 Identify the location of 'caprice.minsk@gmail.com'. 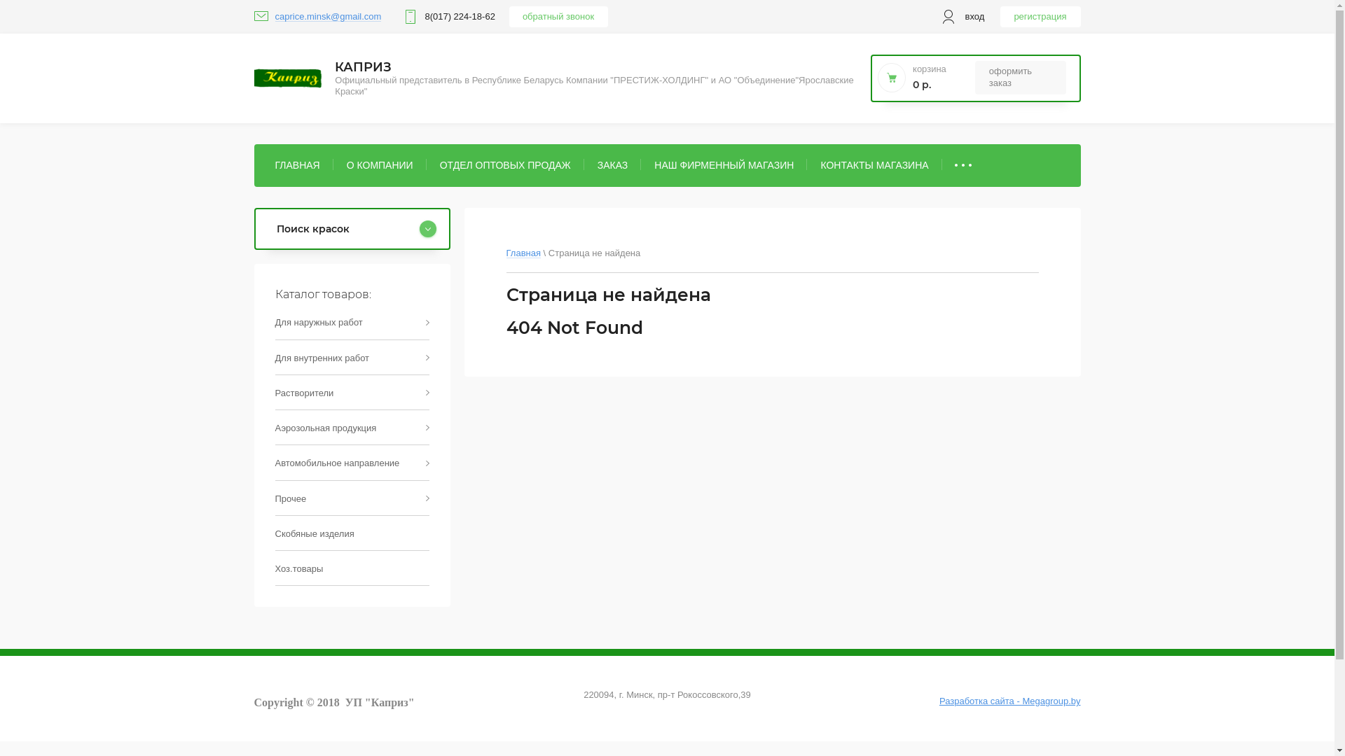
(326, 16).